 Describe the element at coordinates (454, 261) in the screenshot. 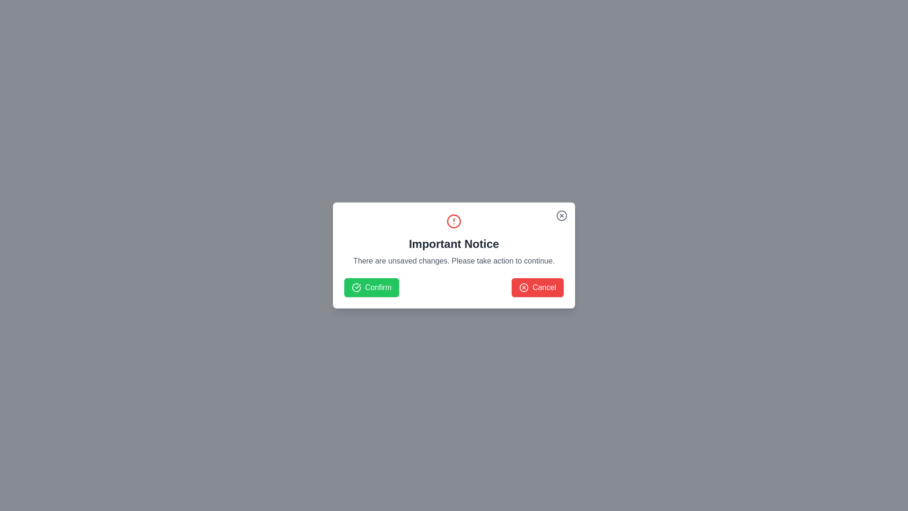

I see `informational text that states 'There are unsaved changes. Please take action to continue.' which is styled in gray color, located below the bold title 'Important Notice' in the center of the modal window` at that location.